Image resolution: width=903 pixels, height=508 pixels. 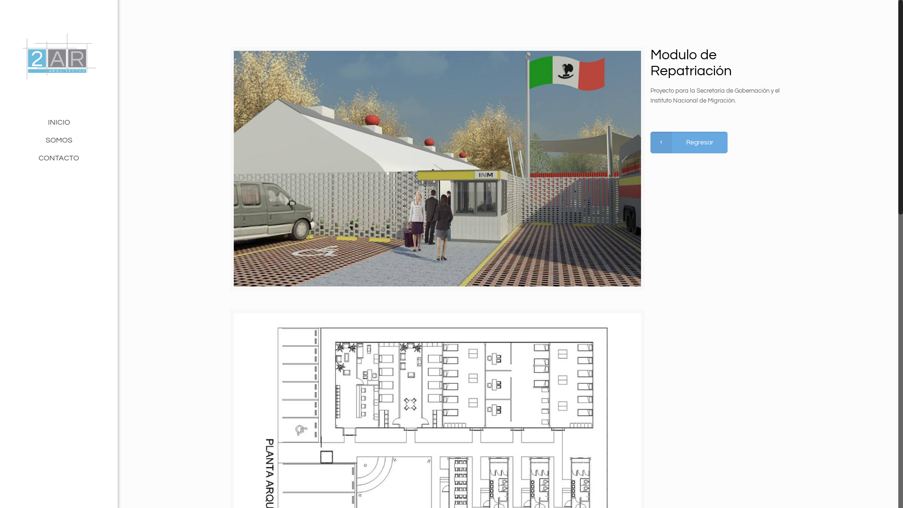 What do you see at coordinates (58, 56) in the screenshot?
I see `'2AR'` at bounding box center [58, 56].